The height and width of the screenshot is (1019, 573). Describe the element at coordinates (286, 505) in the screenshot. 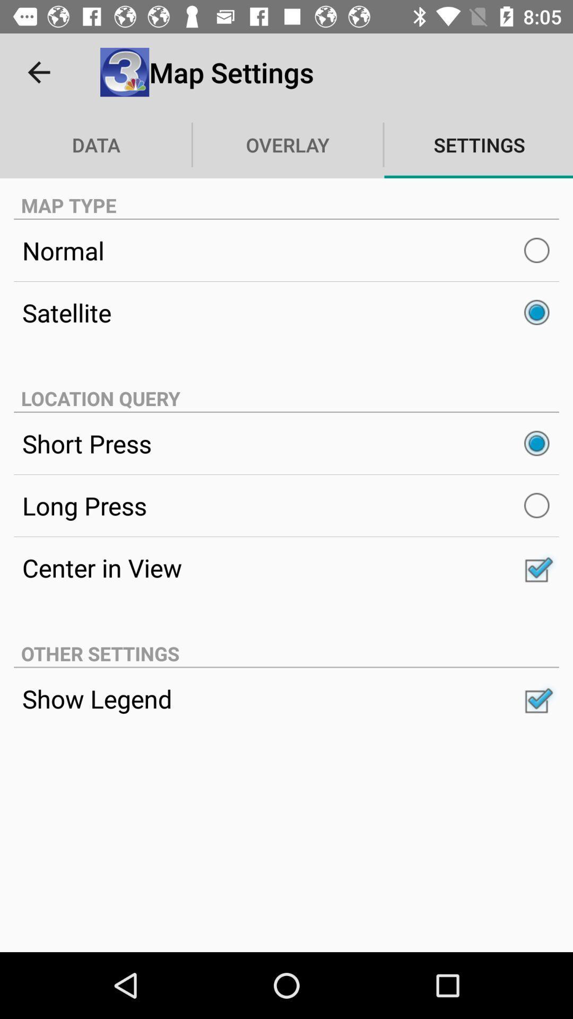

I see `the long press` at that location.